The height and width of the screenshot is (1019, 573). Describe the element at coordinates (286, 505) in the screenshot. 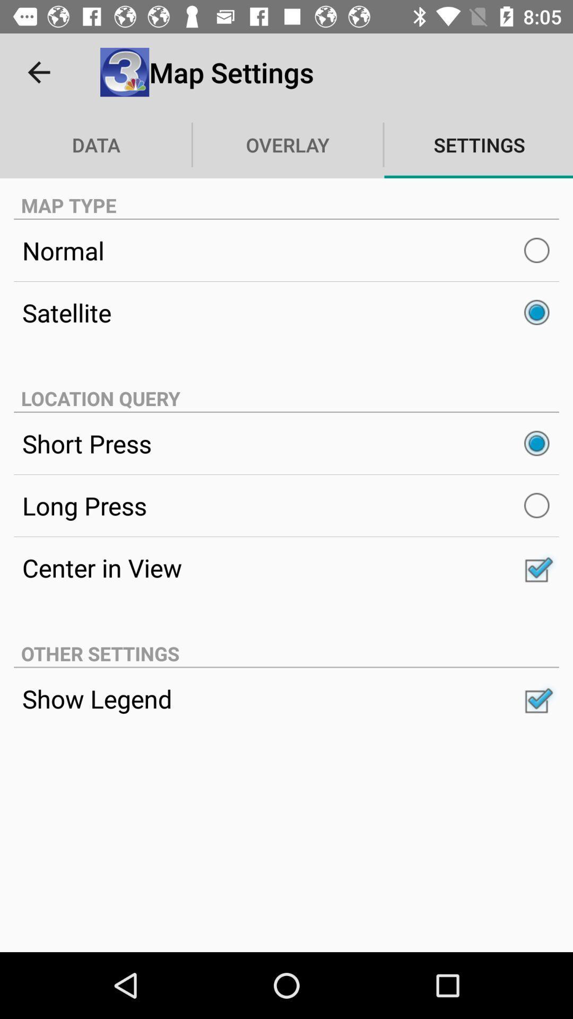

I see `the long press` at that location.